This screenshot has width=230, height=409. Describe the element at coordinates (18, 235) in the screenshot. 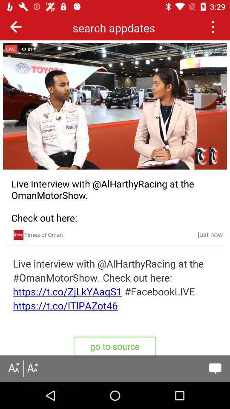

I see `open the times of oman` at that location.